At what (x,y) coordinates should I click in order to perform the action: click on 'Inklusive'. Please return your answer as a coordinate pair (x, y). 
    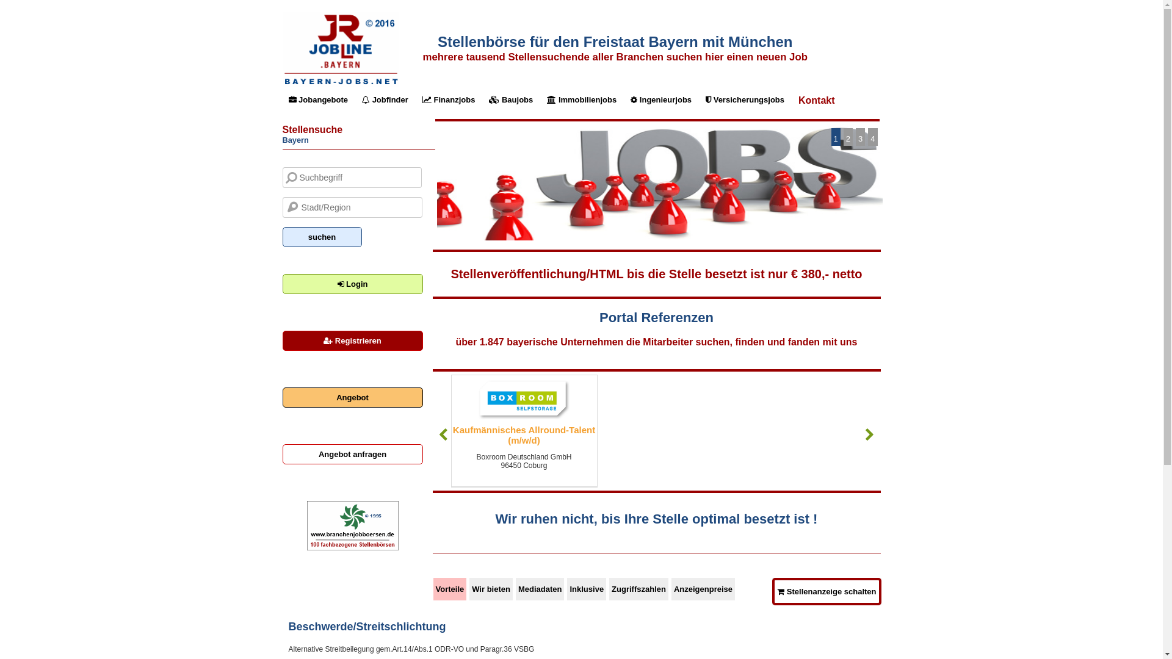
    Looking at the image, I should click on (588, 588).